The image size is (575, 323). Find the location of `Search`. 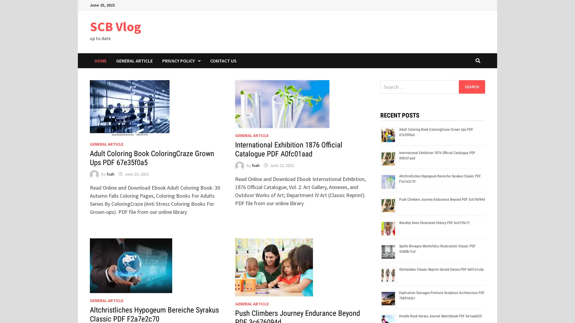

Search is located at coordinates (471, 86).